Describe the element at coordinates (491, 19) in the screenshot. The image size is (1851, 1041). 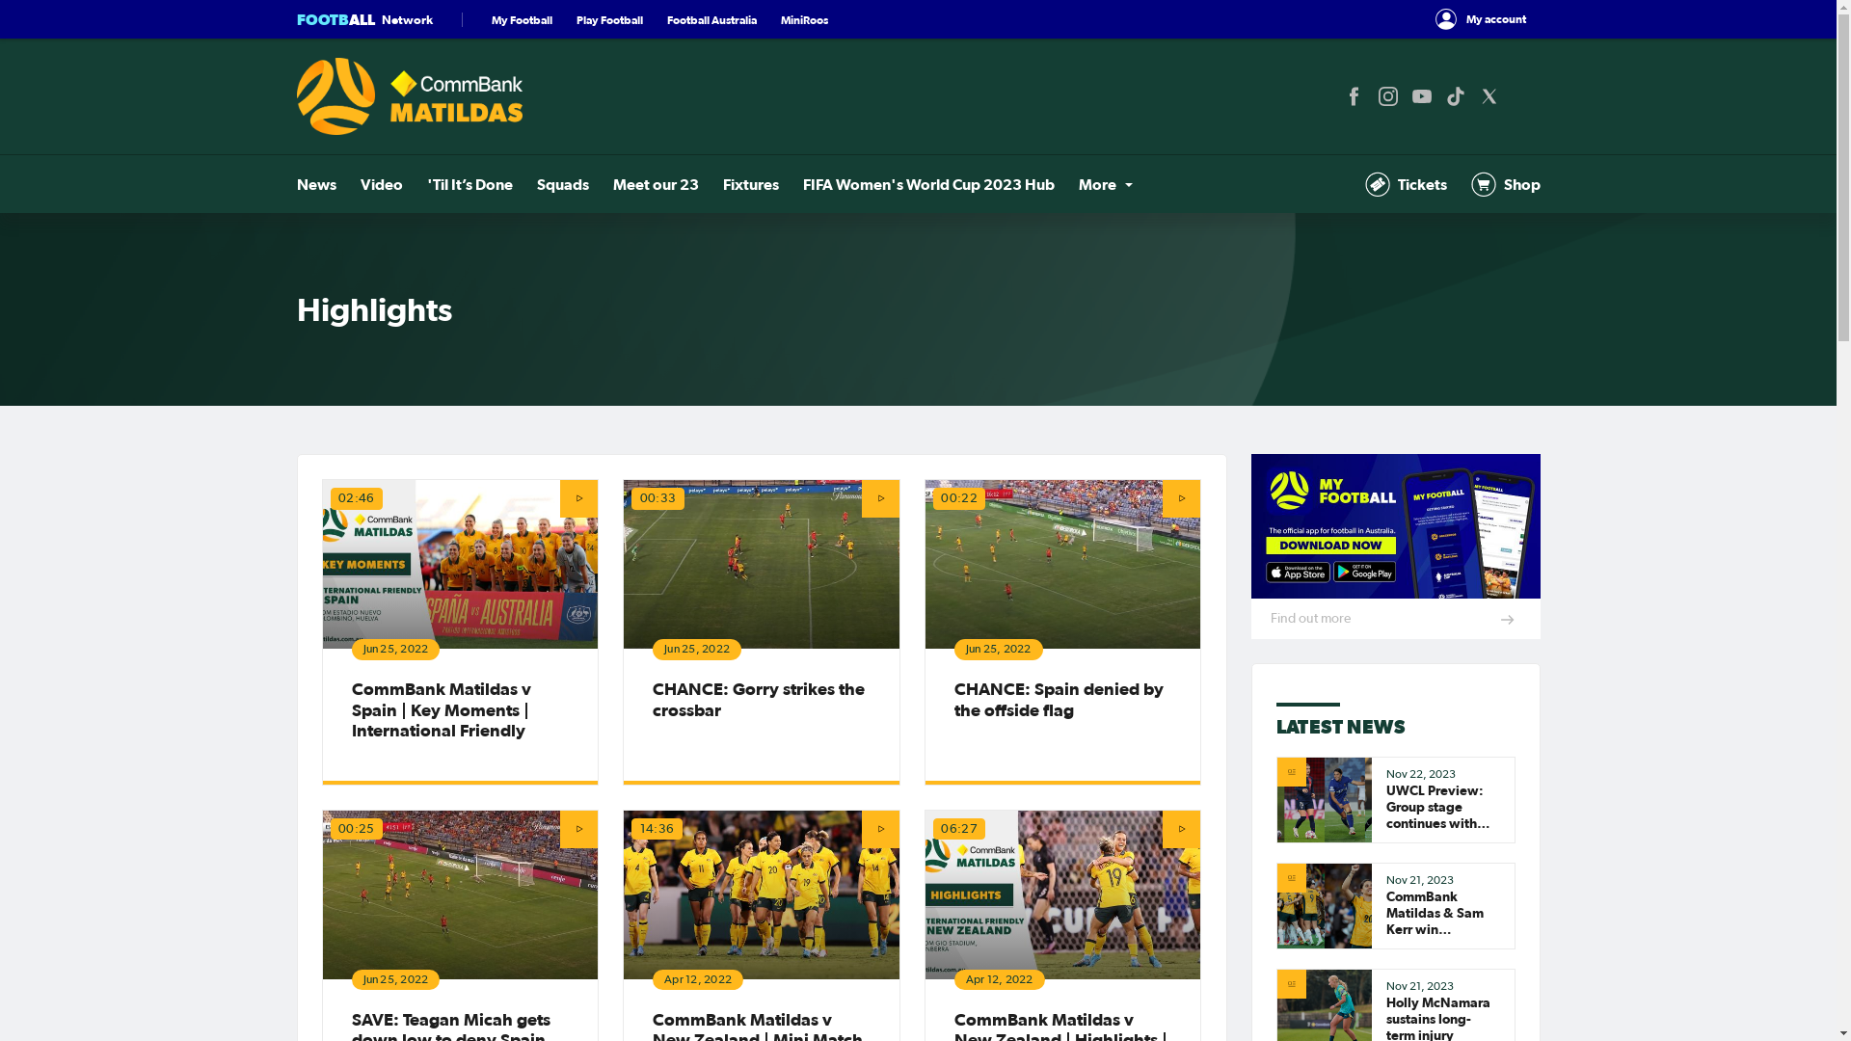
I see `'My Football'` at that location.